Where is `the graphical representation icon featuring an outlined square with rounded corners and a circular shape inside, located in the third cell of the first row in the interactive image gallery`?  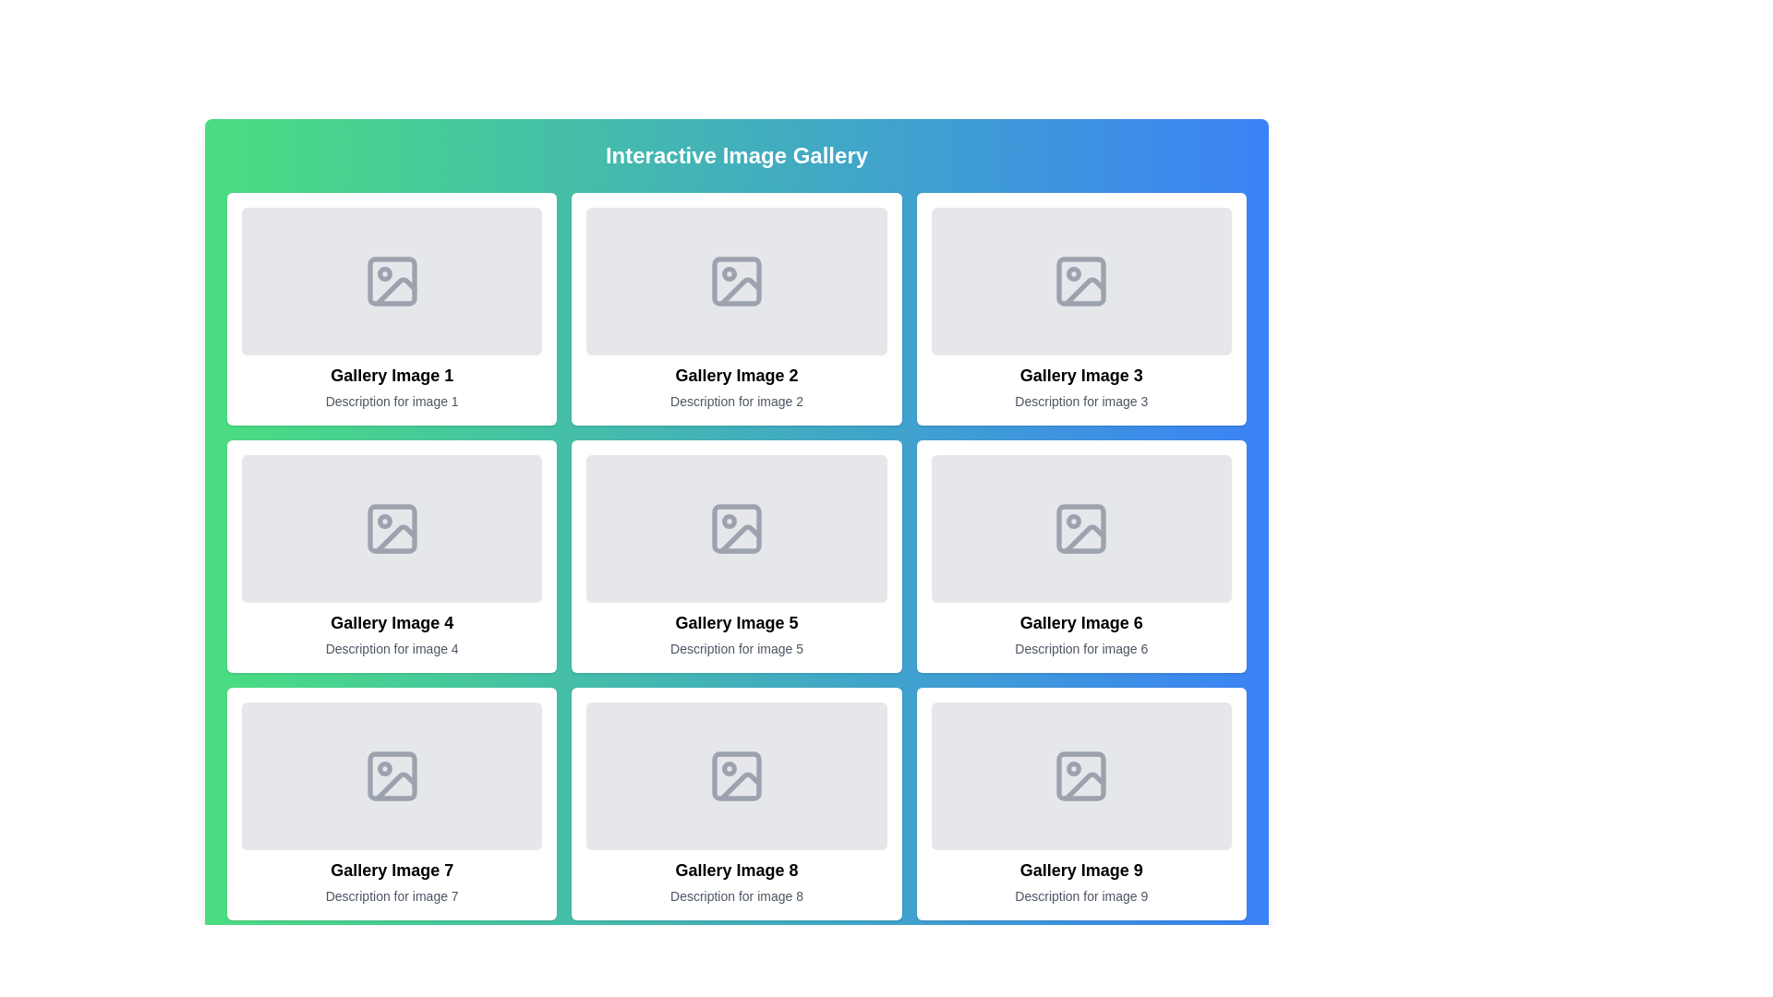 the graphical representation icon featuring an outlined square with rounded corners and a circular shape inside, located in the third cell of the first row in the interactive image gallery is located at coordinates (1081, 281).